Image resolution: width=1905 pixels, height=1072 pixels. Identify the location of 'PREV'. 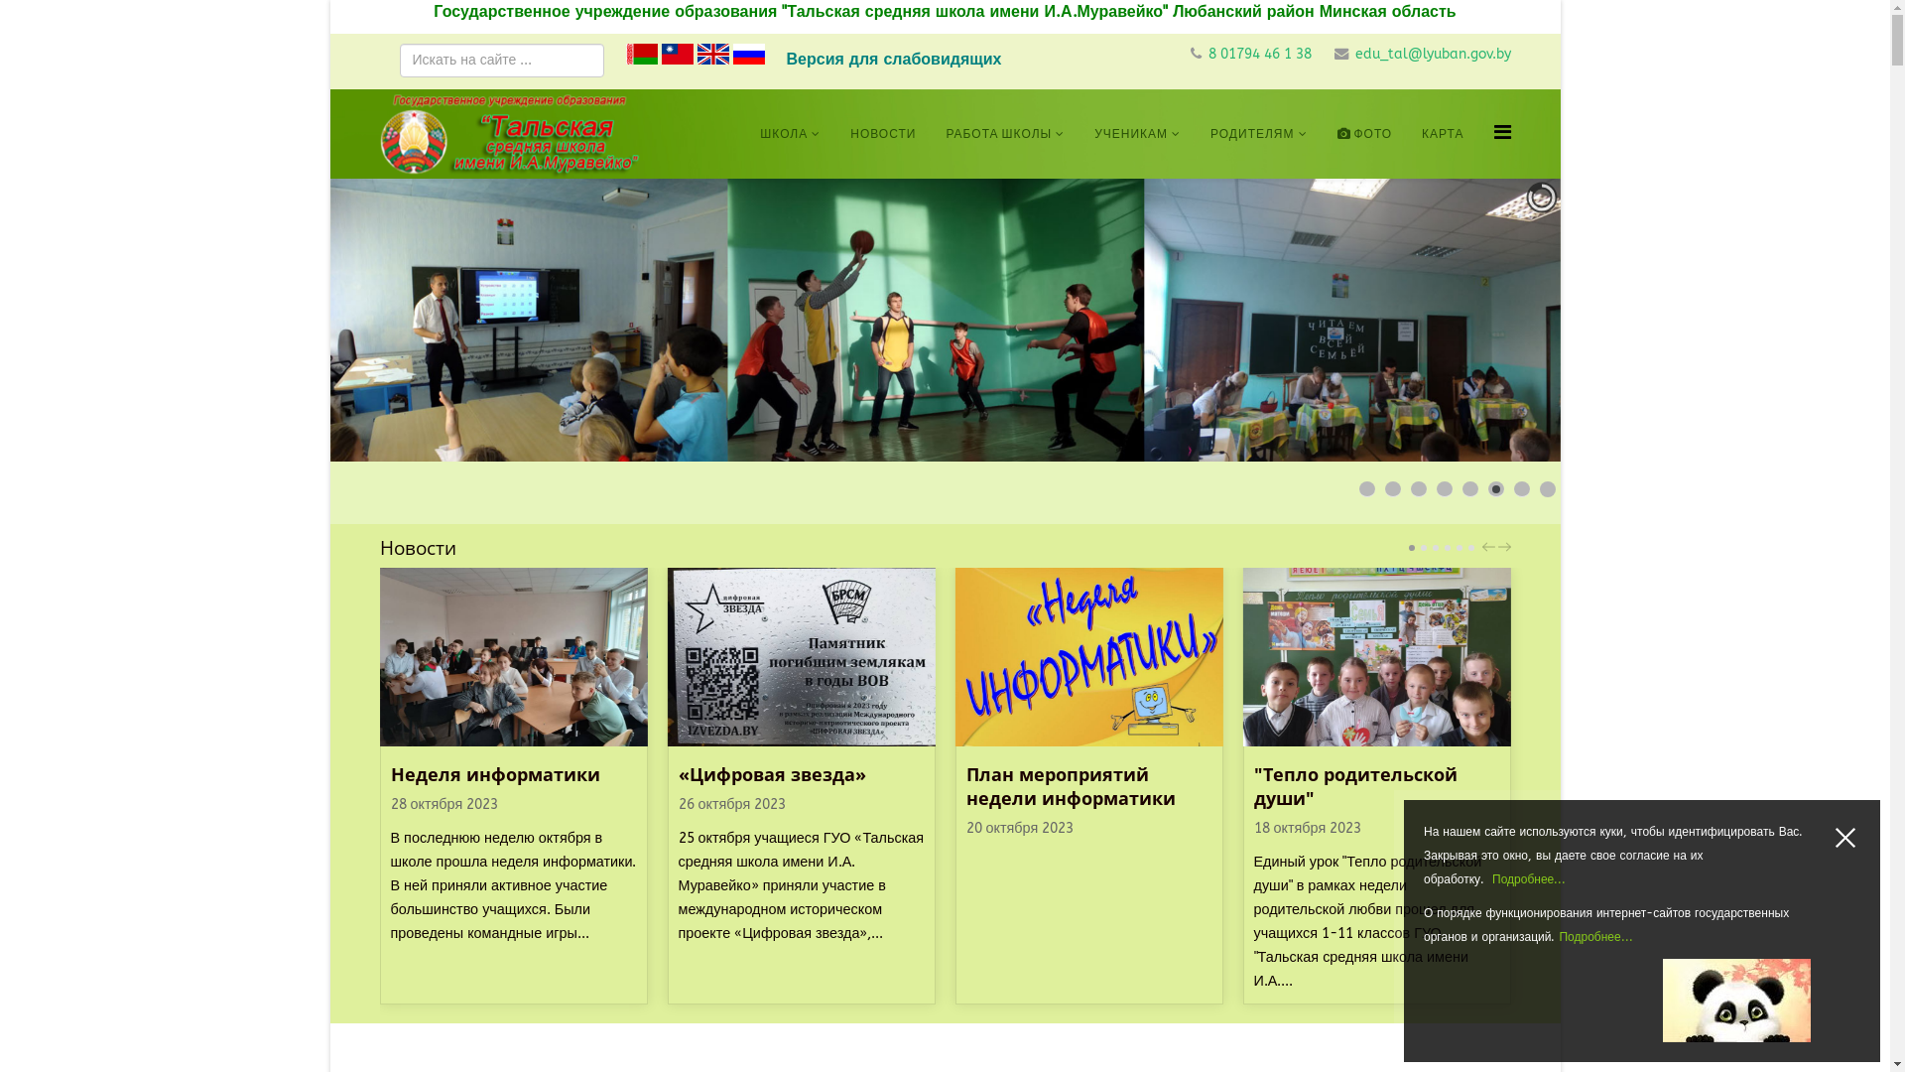
(1488, 547).